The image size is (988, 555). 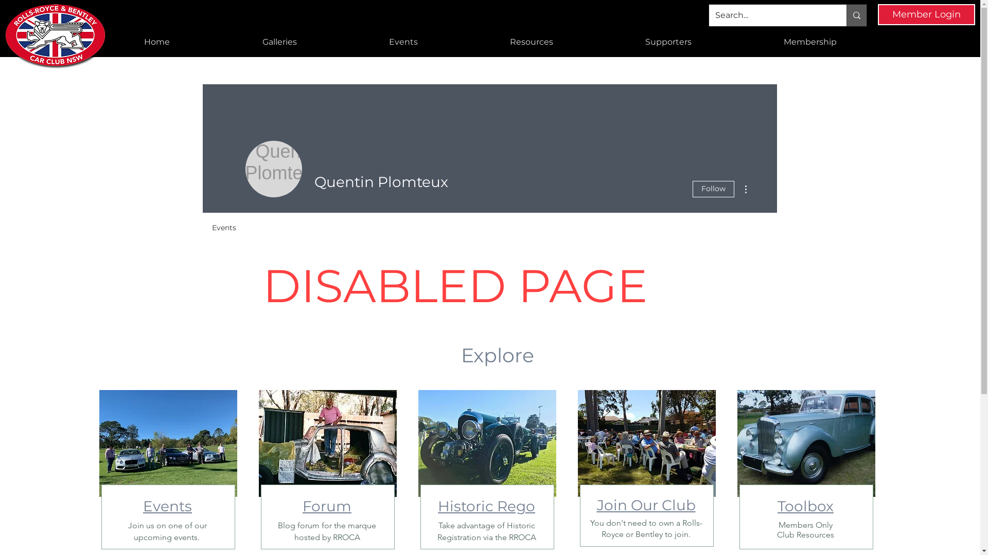 What do you see at coordinates (56, 36) in the screenshot?
I see `'RR+Club+logo+Trans (400x519).png'` at bounding box center [56, 36].